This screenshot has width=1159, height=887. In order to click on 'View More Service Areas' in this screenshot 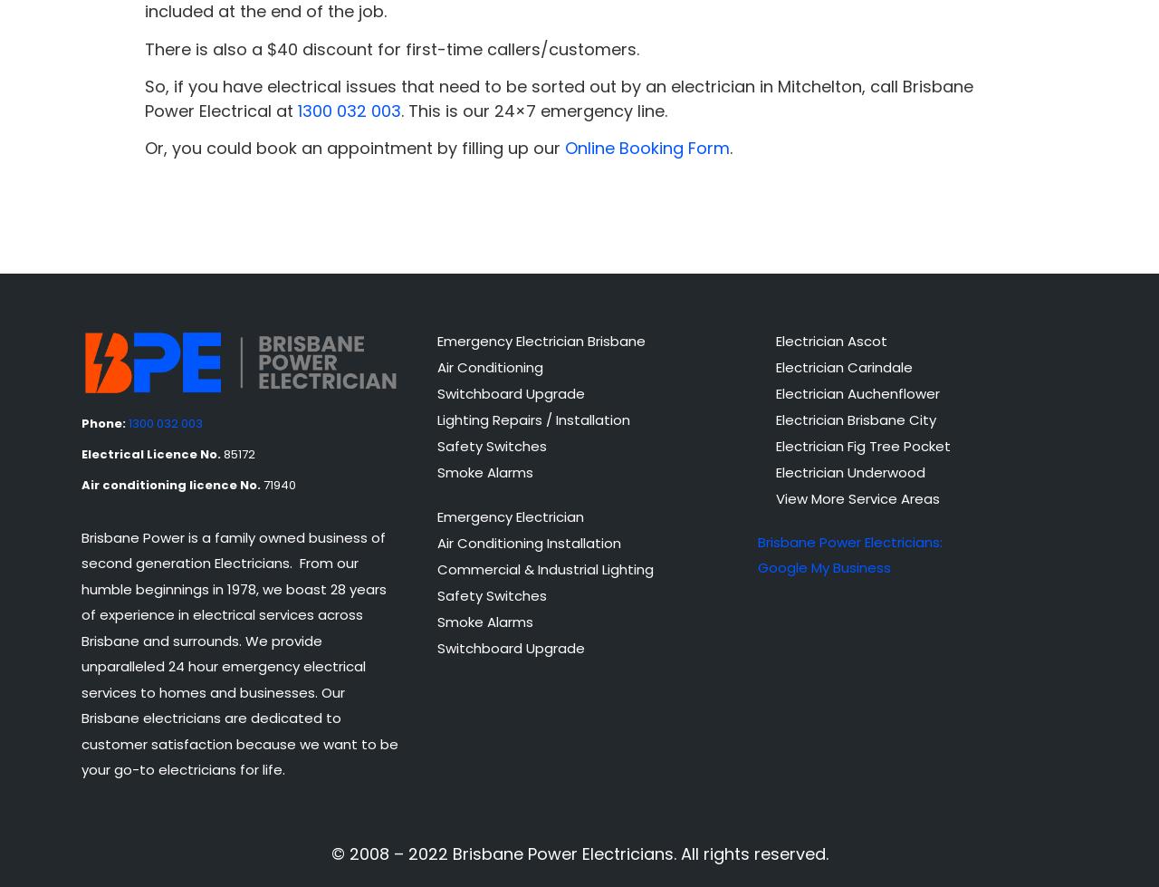, I will do `click(774, 497)`.